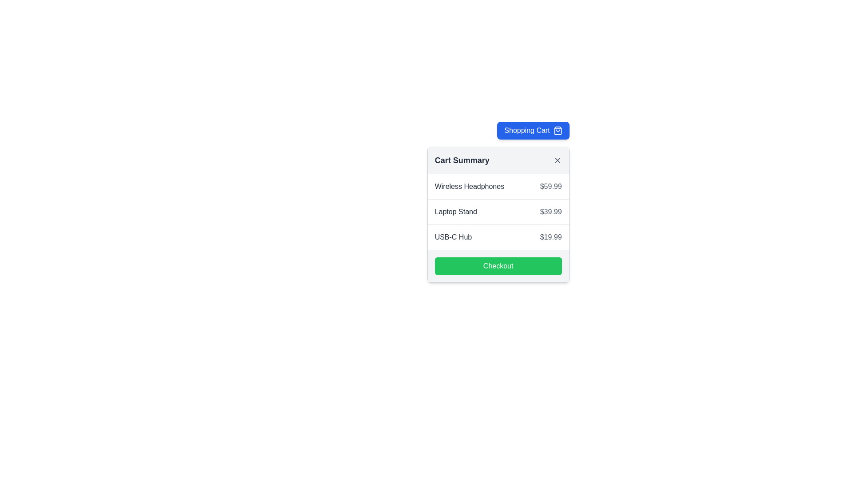 This screenshot has width=853, height=480. What do you see at coordinates (498, 212) in the screenshot?
I see `the second list item in the Cart Summary section that displays the product 'Laptop Stand' and its price '$39.99'` at bounding box center [498, 212].